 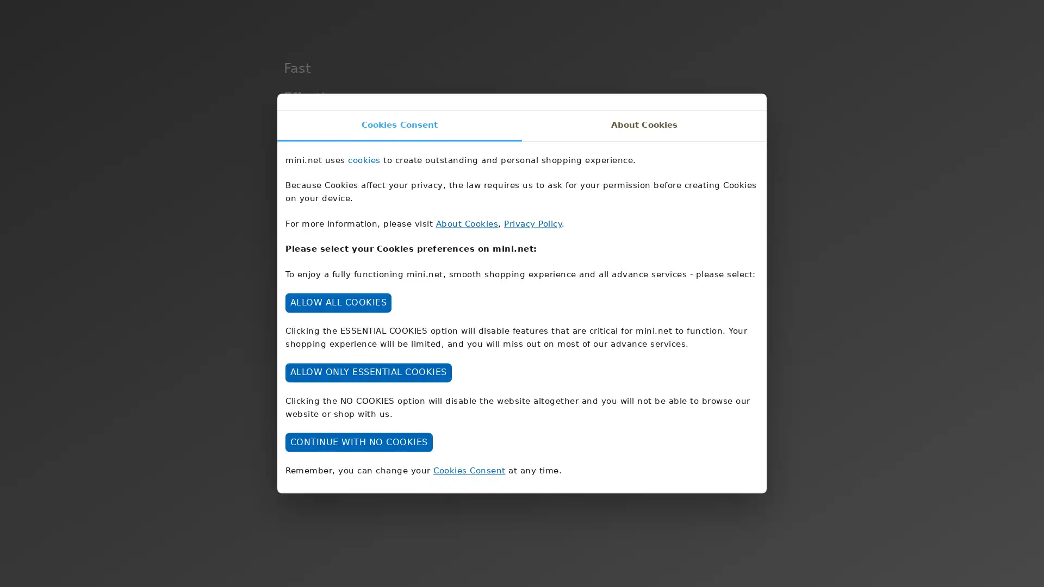 What do you see at coordinates (700, 257) in the screenshot?
I see `DISCOVER MINI NET` at bounding box center [700, 257].